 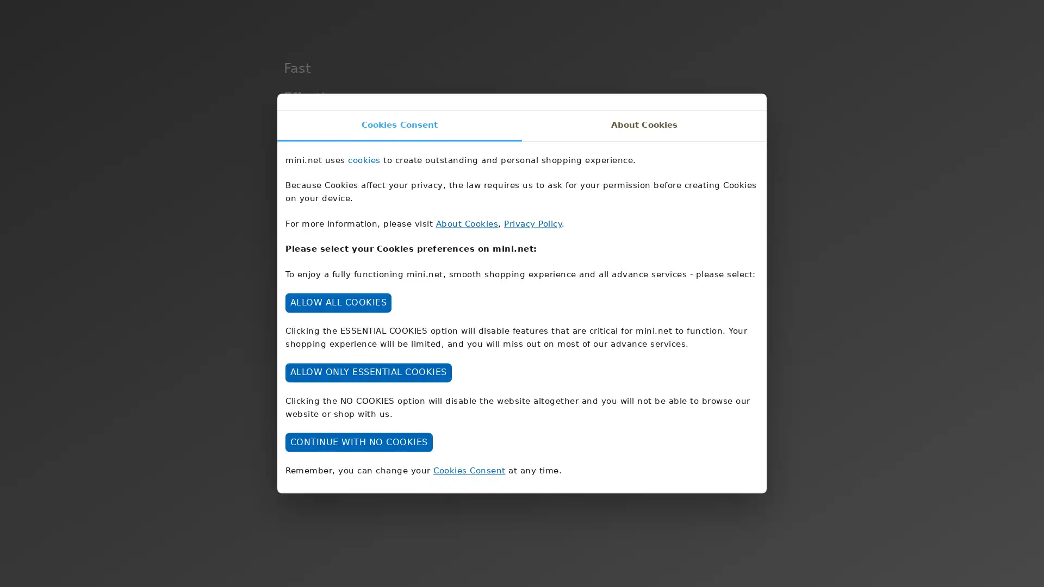 What do you see at coordinates (700, 257) in the screenshot?
I see `DISCOVER MINI NET` at bounding box center [700, 257].